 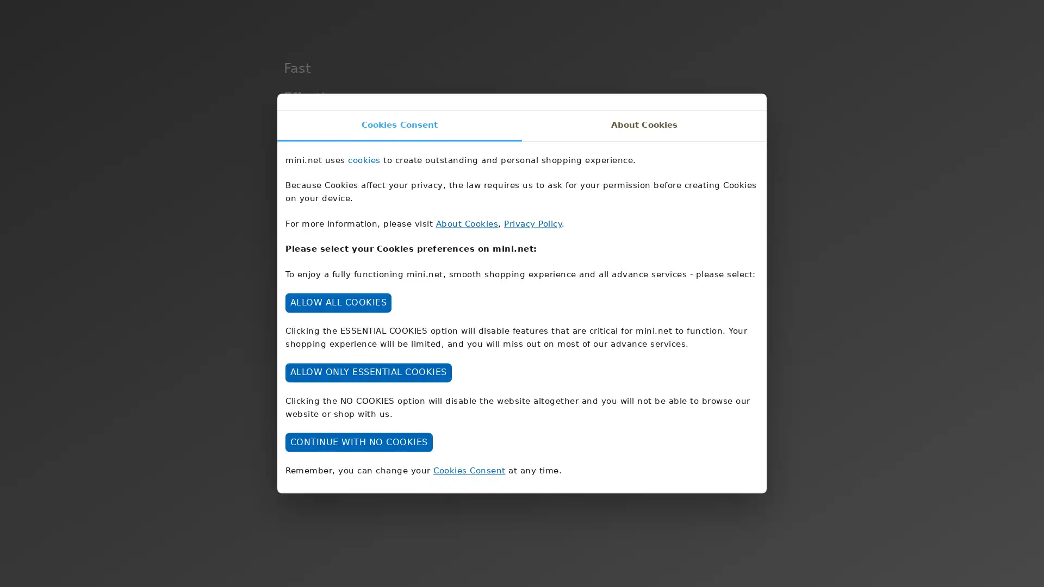 What do you see at coordinates (700, 257) in the screenshot?
I see `DISCOVER MINI NET` at bounding box center [700, 257].